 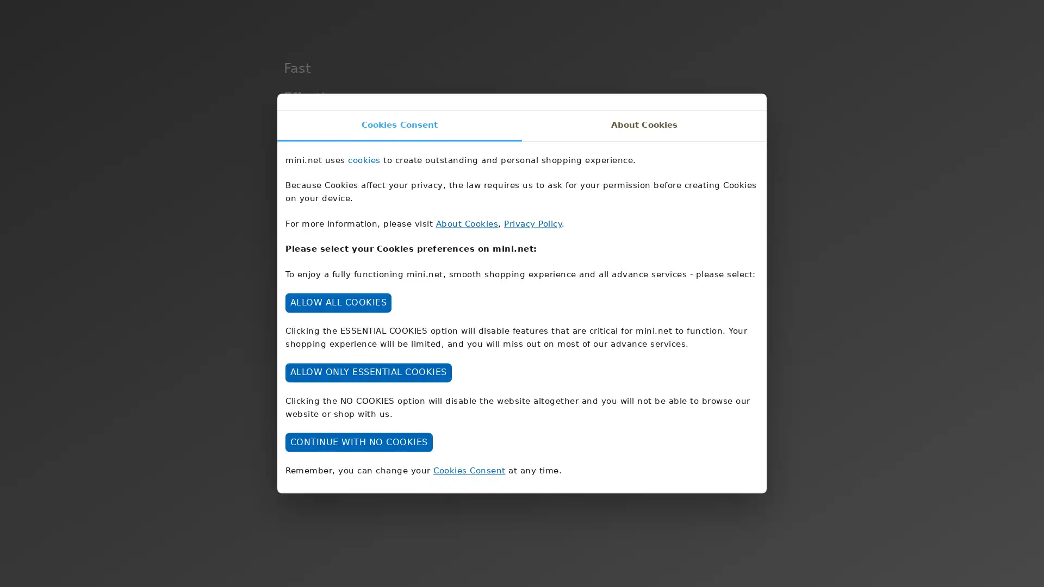 What do you see at coordinates (700, 257) in the screenshot?
I see `DISCOVER MINI NET` at bounding box center [700, 257].